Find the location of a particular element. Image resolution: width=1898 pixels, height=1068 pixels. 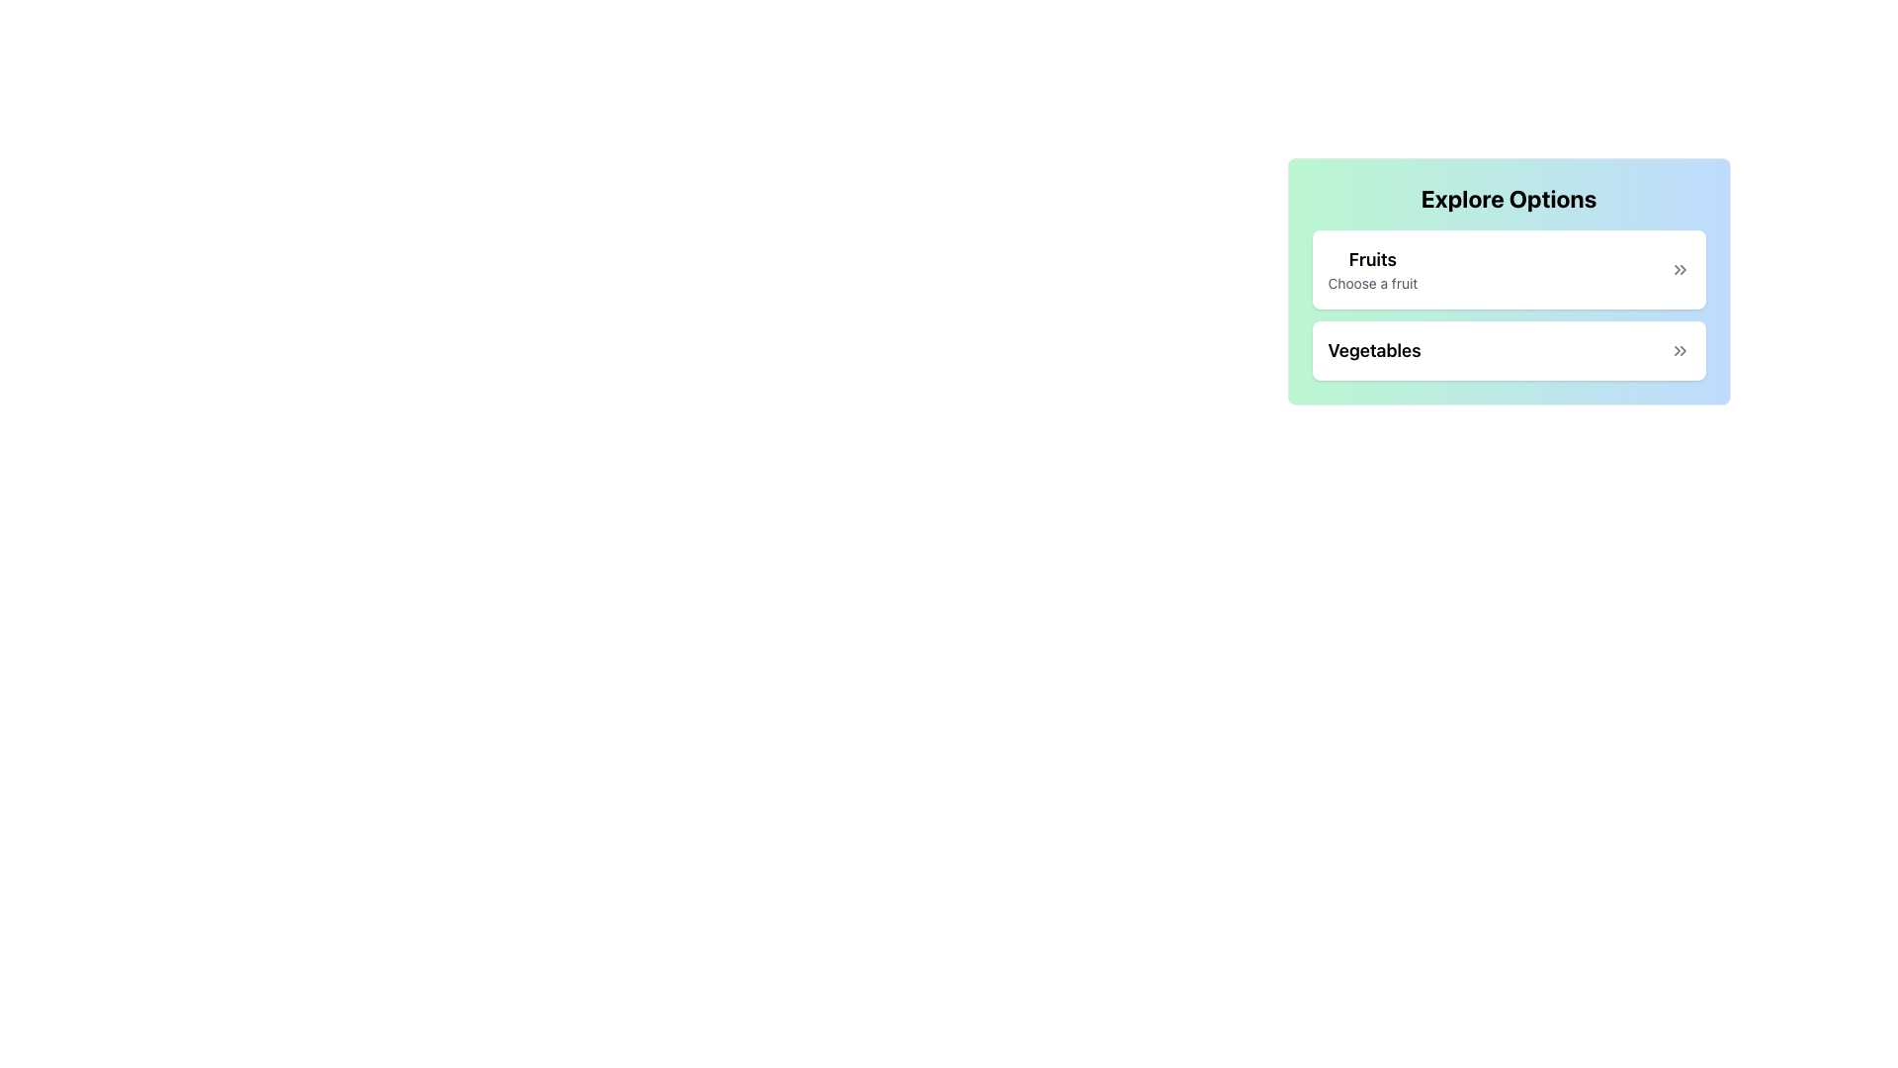

the double-chevron right icon located to the right of the 'Fruits' text and 'Choose a fruit' within the 'Fruits' section is located at coordinates (1679, 270).